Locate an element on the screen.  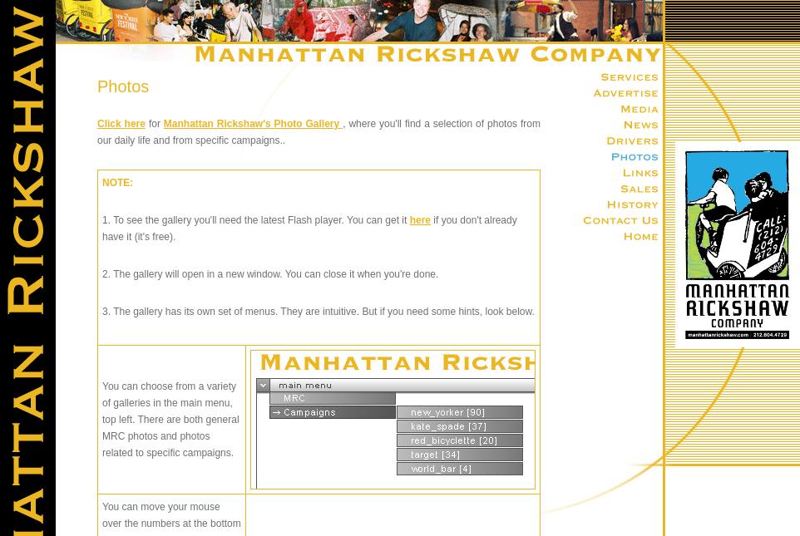
'1. To see the gallery you'll need the
                        latest Flash player. You can get it' is located at coordinates (101, 219).